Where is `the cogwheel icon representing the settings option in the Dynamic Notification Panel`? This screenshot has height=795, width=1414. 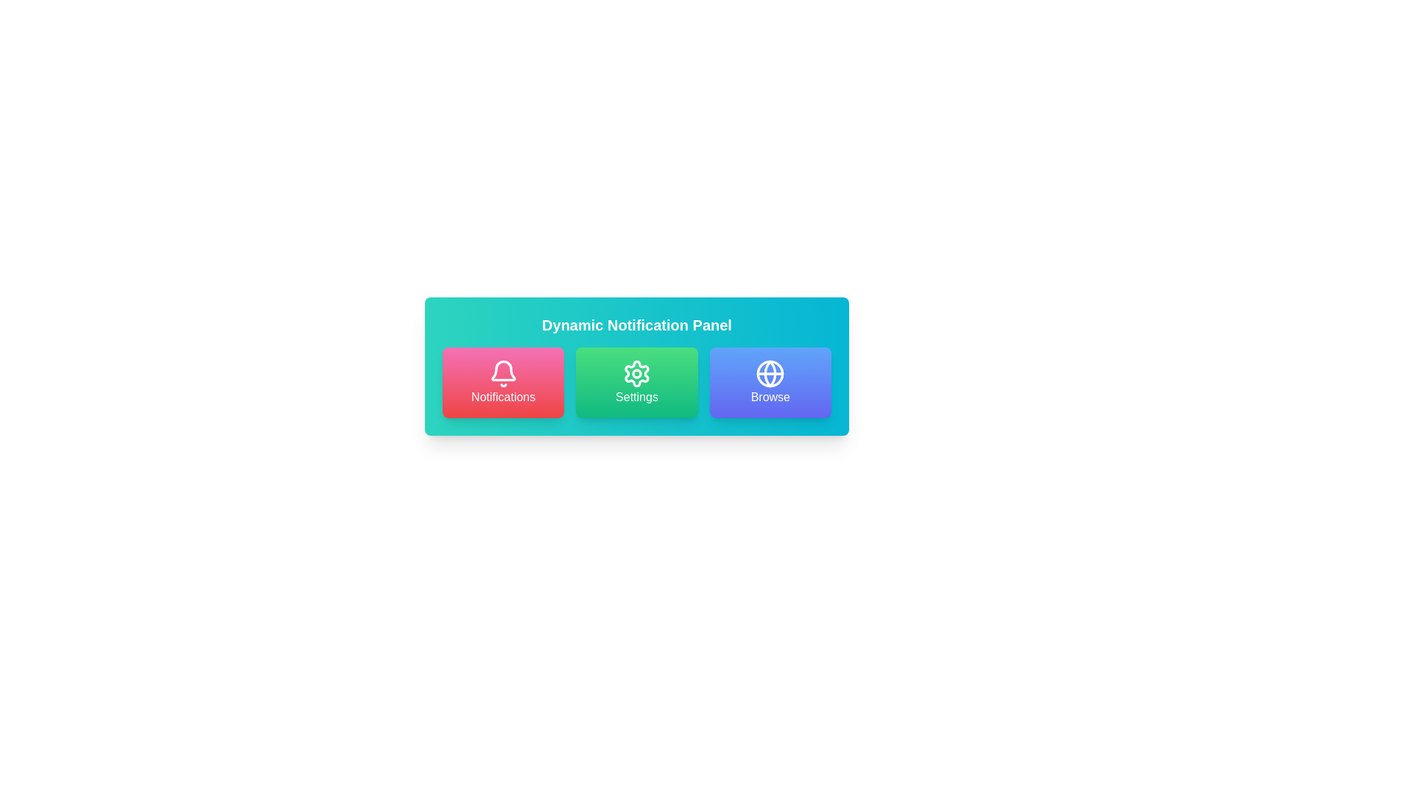 the cogwheel icon representing the settings option in the Dynamic Notification Panel is located at coordinates (636, 373).